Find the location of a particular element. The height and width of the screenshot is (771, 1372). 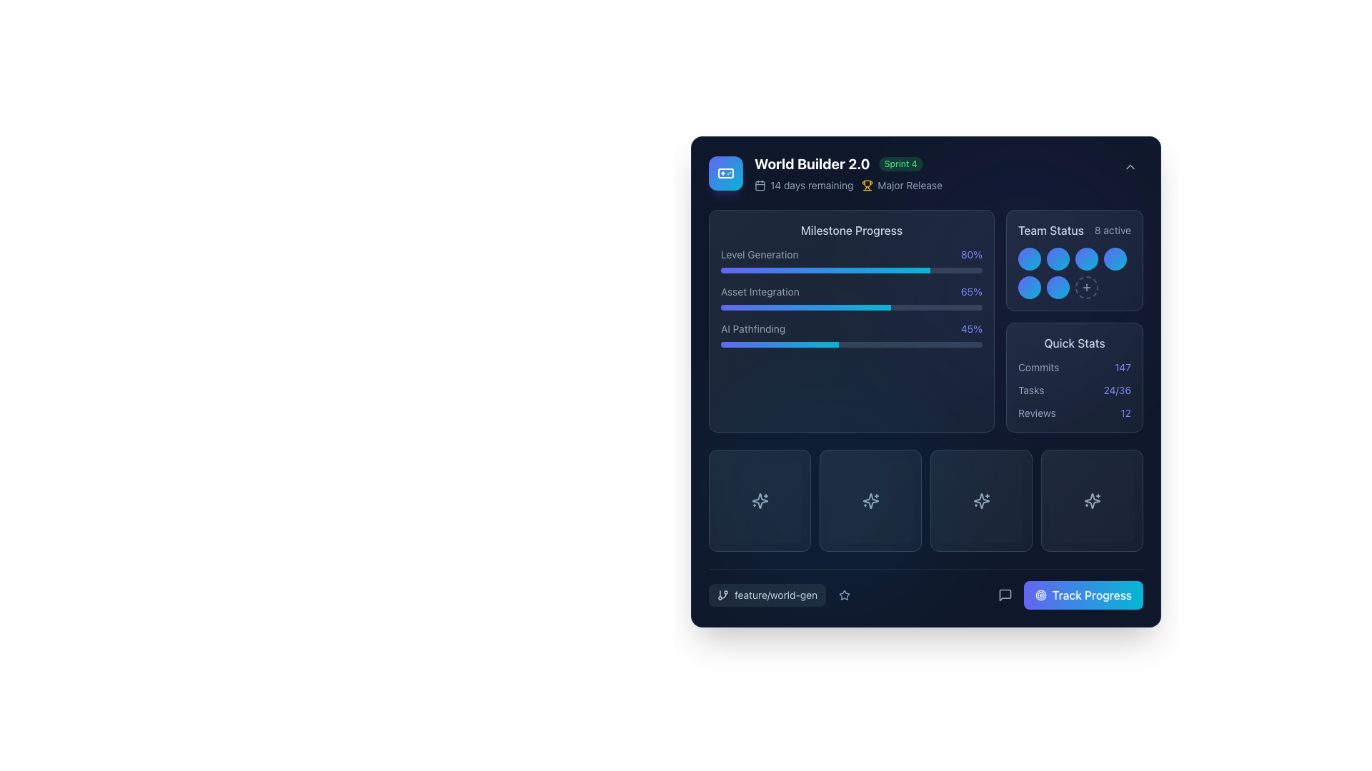

progress is located at coordinates (809, 270).